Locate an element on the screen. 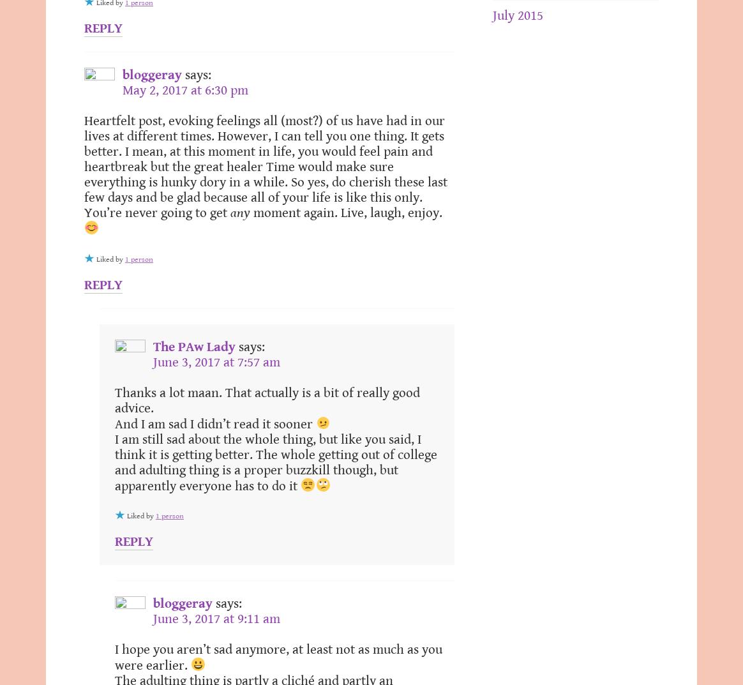  'July 2015' is located at coordinates (518, 15).